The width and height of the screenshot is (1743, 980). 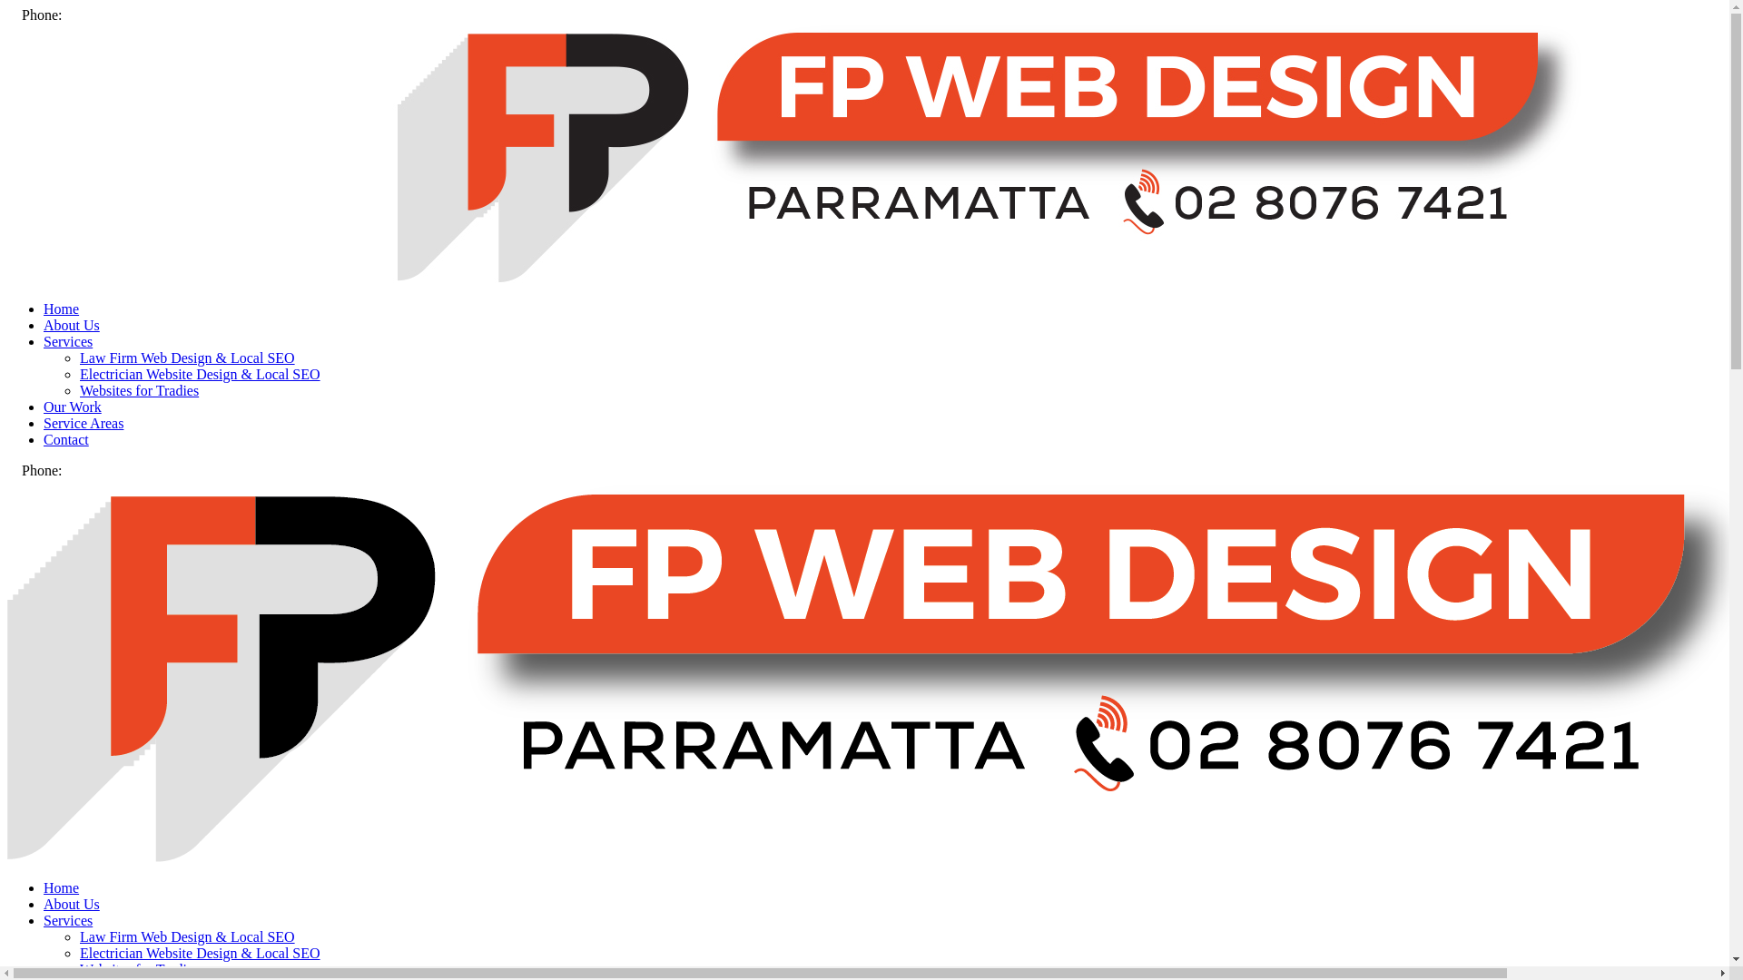 What do you see at coordinates (138, 968) in the screenshot?
I see `'Websites for Tradies'` at bounding box center [138, 968].